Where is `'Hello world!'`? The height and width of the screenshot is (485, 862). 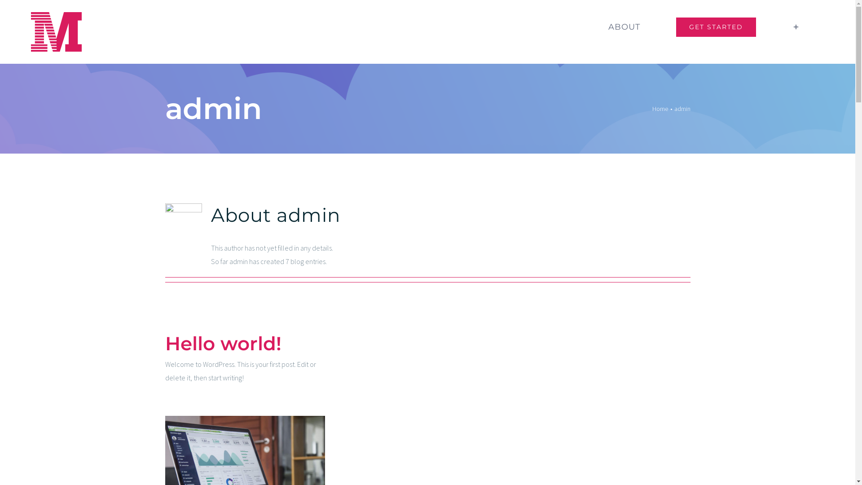 'Hello world!' is located at coordinates (165, 343).